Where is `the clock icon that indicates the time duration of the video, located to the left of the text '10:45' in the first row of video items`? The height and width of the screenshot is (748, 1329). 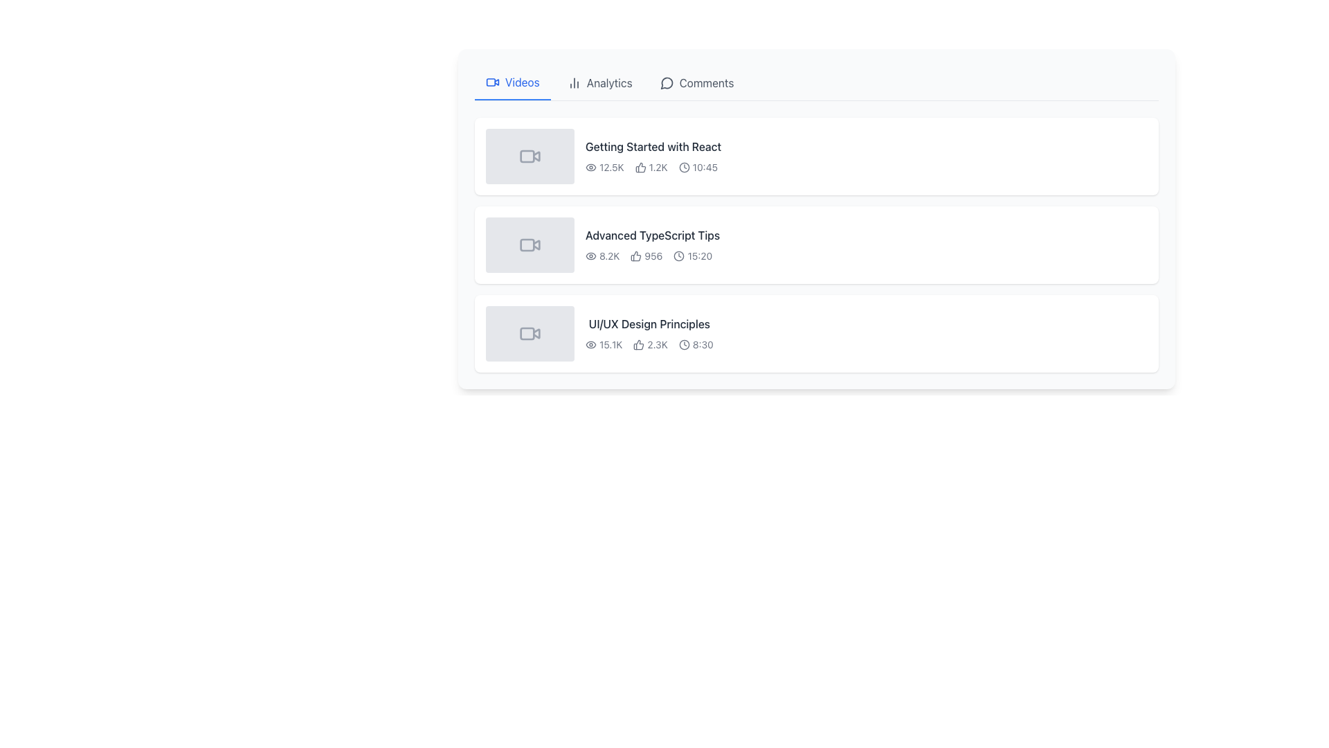
the clock icon that indicates the time duration of the video, located to the left of the text '10:45' in the first row of video items is located at coordinates (684, 167).